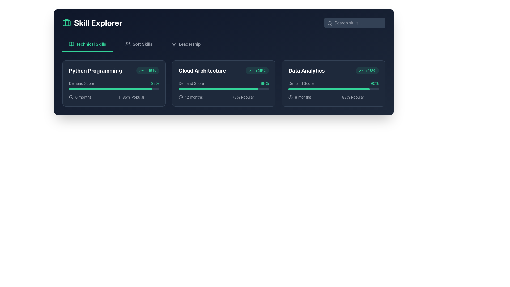 Image resolution: width=510 pixels, height=287 pixels. I want to click on the small gray bar chart icon located to the left of the '85% Popular' text within the 'Python Programming' card, so click(118, 97).